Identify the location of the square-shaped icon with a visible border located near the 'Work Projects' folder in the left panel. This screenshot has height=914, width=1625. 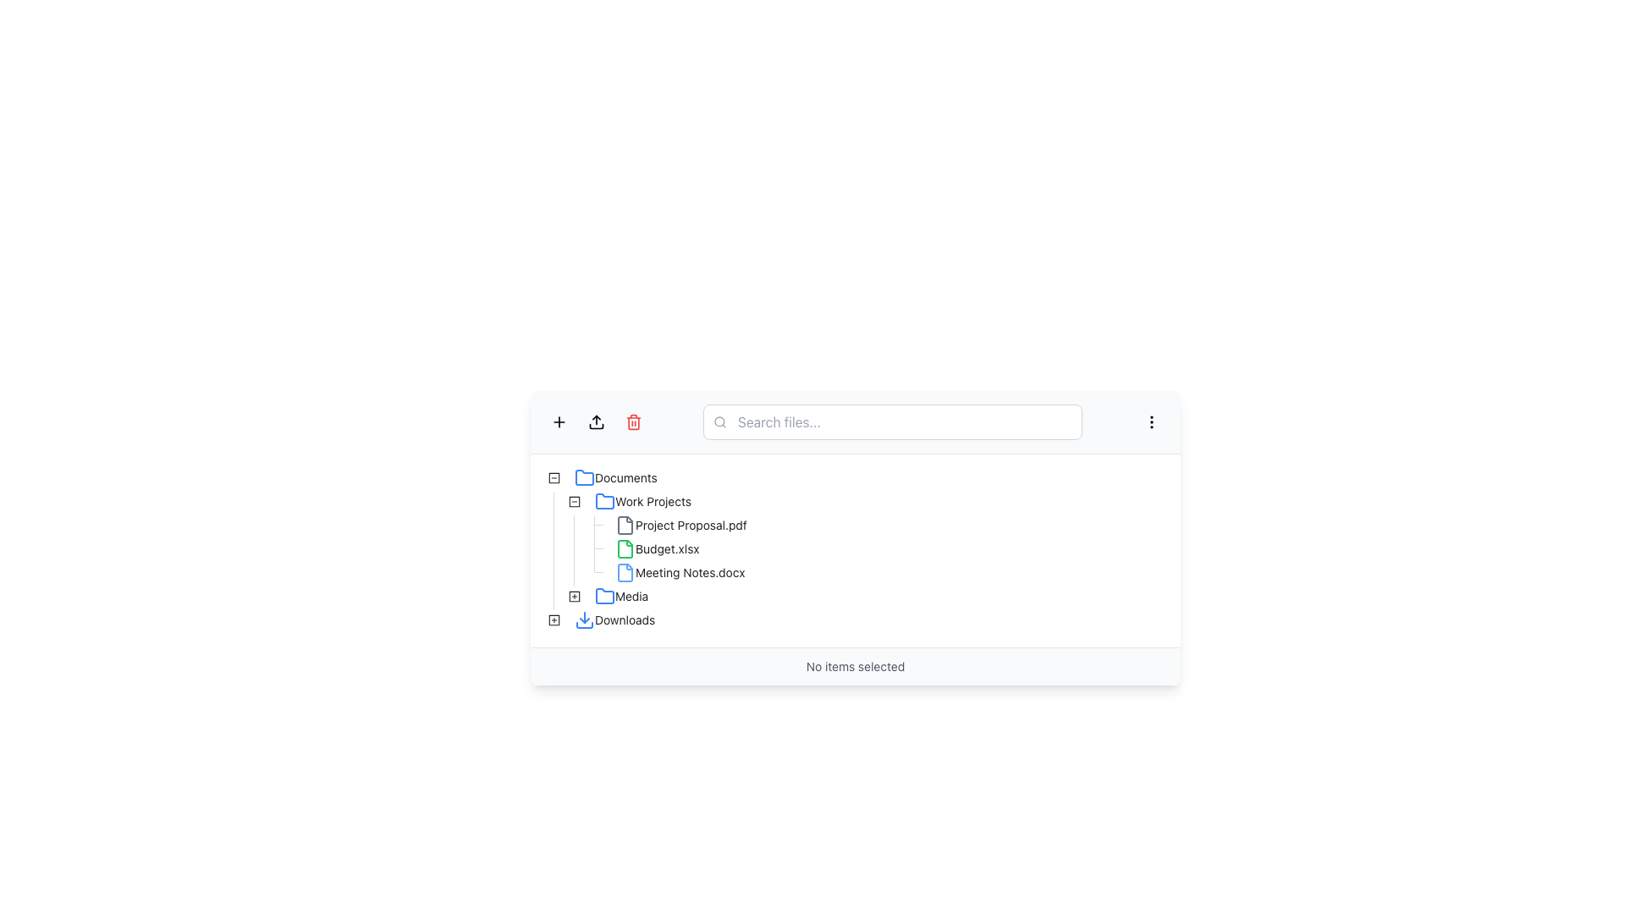
(574, 596).